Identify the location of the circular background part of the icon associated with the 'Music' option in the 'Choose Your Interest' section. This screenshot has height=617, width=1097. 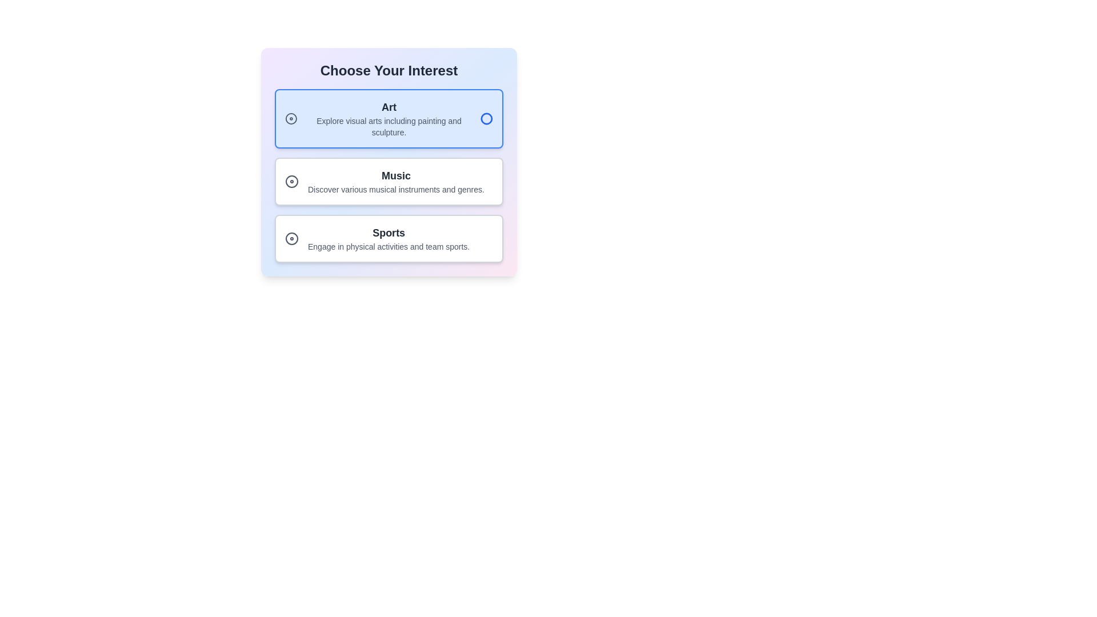
(291, 181).